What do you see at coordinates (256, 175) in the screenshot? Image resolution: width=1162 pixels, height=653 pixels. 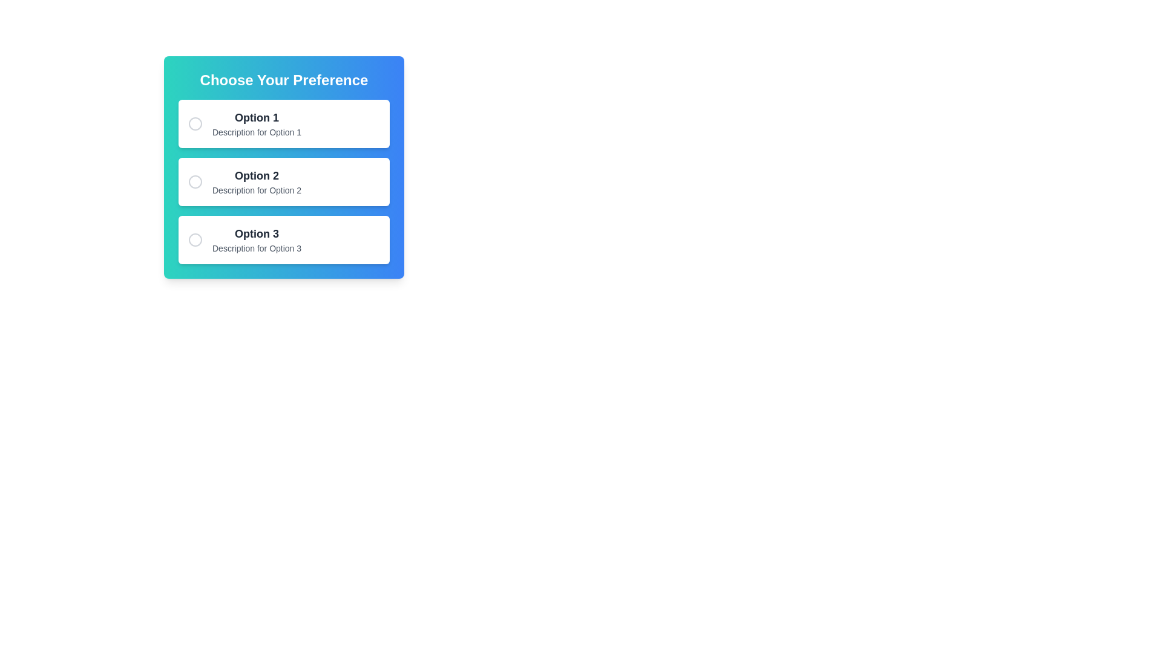 I see `the text label displaying 'Option 2', which is bold and dark gray, indicating the second option in a list` at bounding box center [256, 175].